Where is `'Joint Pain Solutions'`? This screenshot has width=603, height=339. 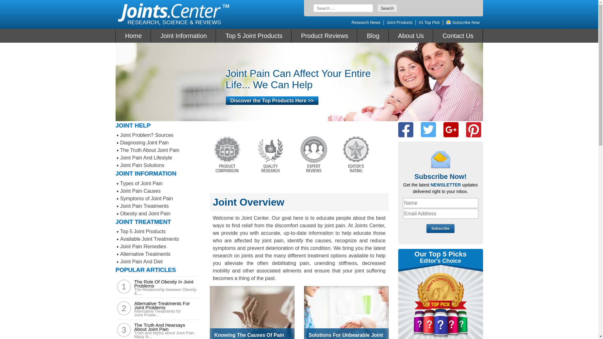 'Joint Pain Solutions' is located at coordinates (142, 165).